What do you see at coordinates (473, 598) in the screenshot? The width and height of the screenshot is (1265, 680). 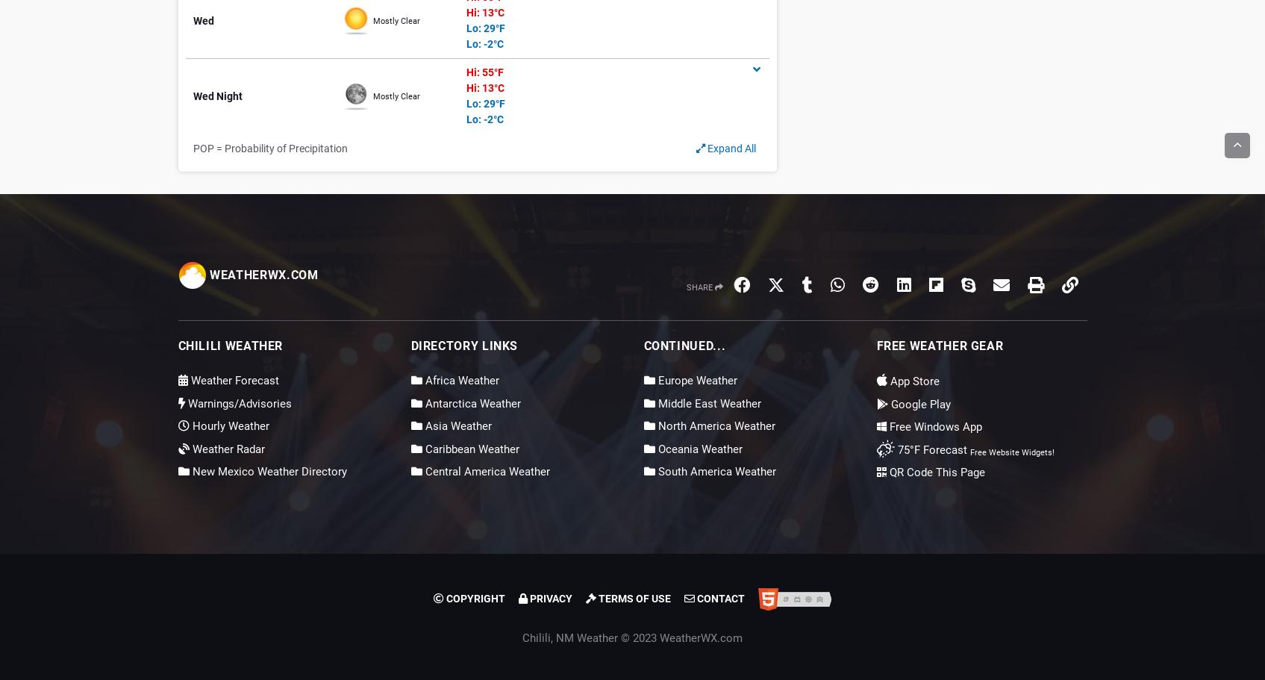 I see `'Copyright'` at bounding box center [473, 598].